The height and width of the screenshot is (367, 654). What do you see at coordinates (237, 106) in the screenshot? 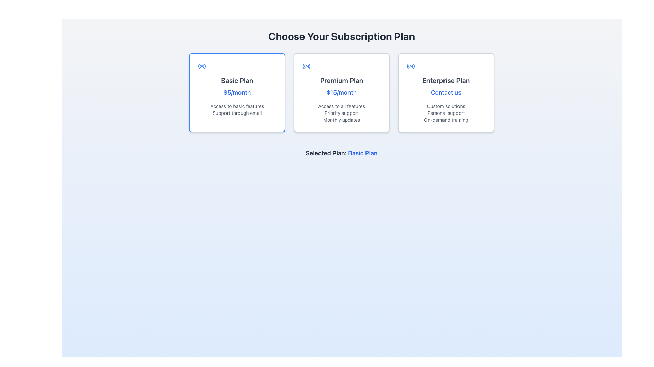
I see `the text element styled in a small, gray font that reads 'Access to basic features', which is located within the 'Basic Plan' card, directly below the '$5/month' text` at bounding box center [237, 106].